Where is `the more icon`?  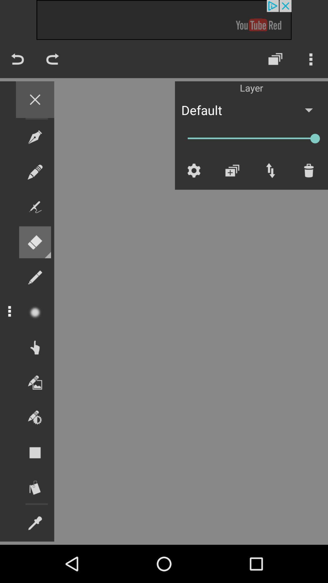
the more icon is located at coordinates (9, 311).